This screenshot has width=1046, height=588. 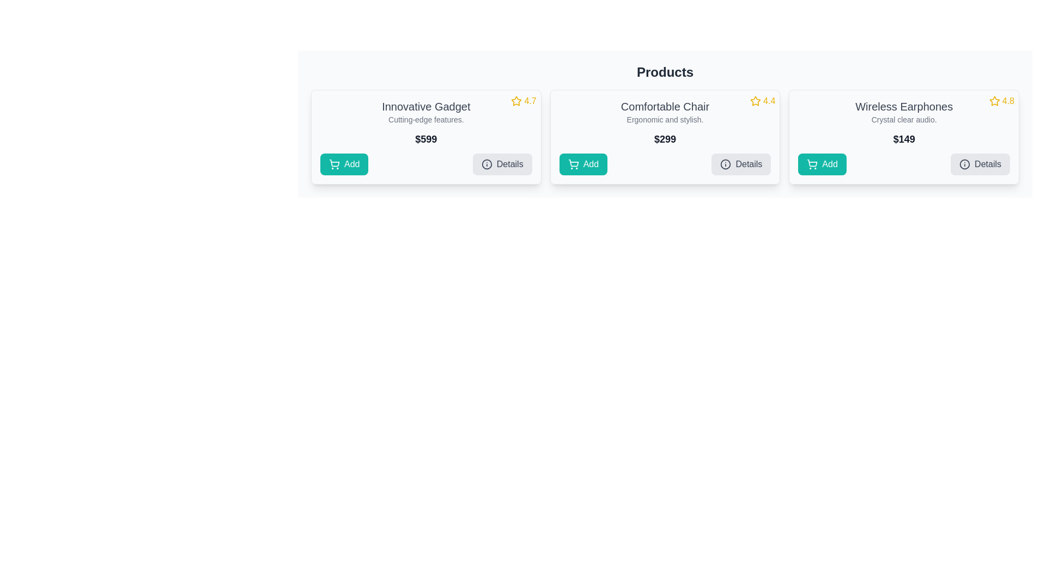 What do you see at coordinates (965, 164) in the screenshot?
I see `the information icon within the 'Details' button located at the bottom right of the 'Wireless Earphones' card` at bounding box center [965, 164].